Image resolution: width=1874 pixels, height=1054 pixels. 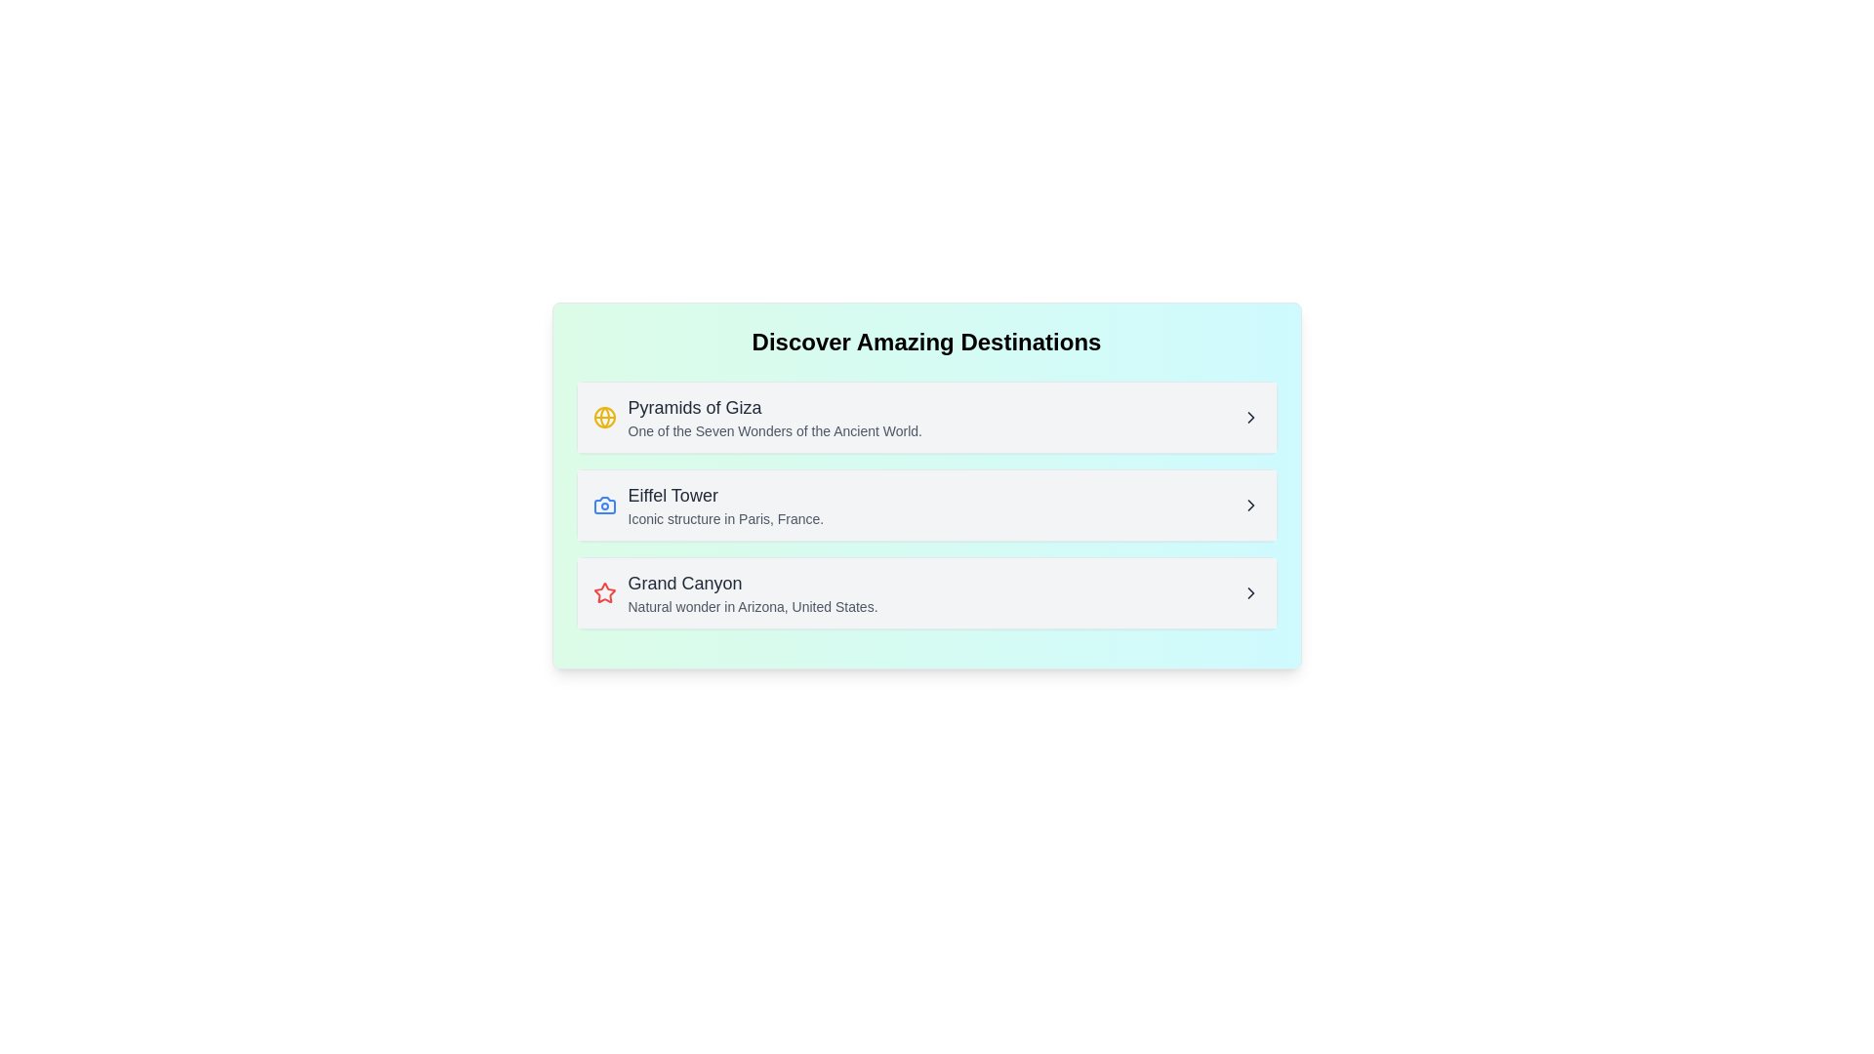 What do you see at coordinates (1250, 592) in the screenshot?
I see `the SVG icon located in the right section of the 'Grand Canyon' card, which is the third card in the list of destinations` at bounding box center [1250, 592].